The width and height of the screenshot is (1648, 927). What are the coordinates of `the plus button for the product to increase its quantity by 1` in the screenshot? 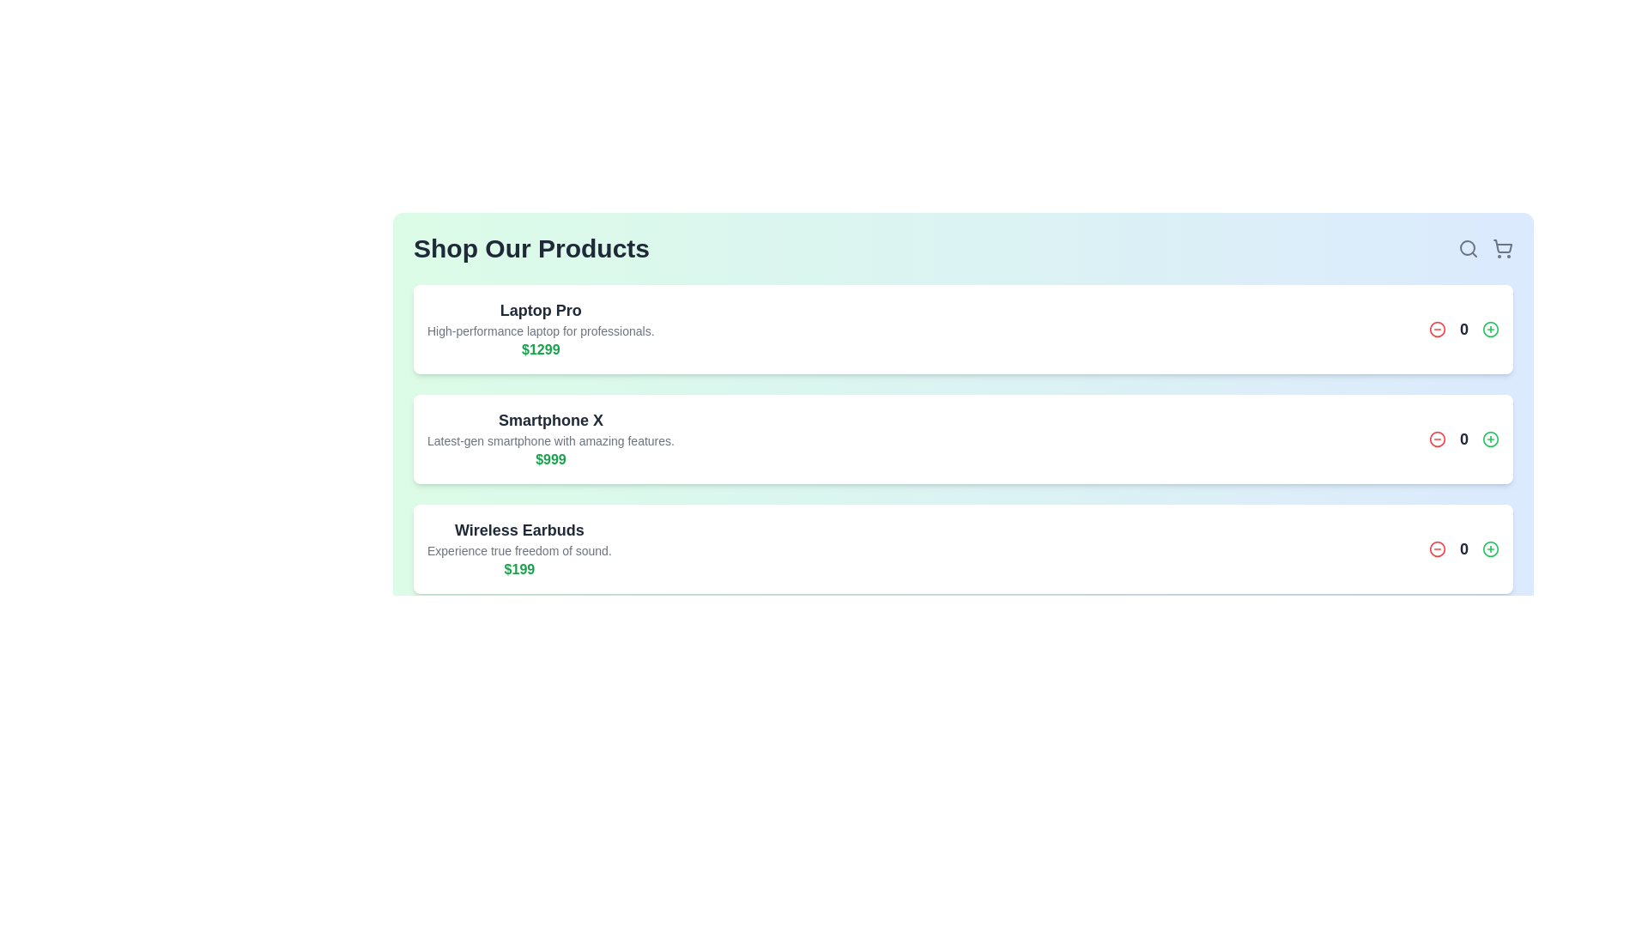 It's located at (1490, 330).